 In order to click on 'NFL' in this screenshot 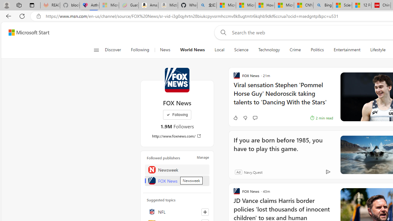, I will do `click(177, 211)`.